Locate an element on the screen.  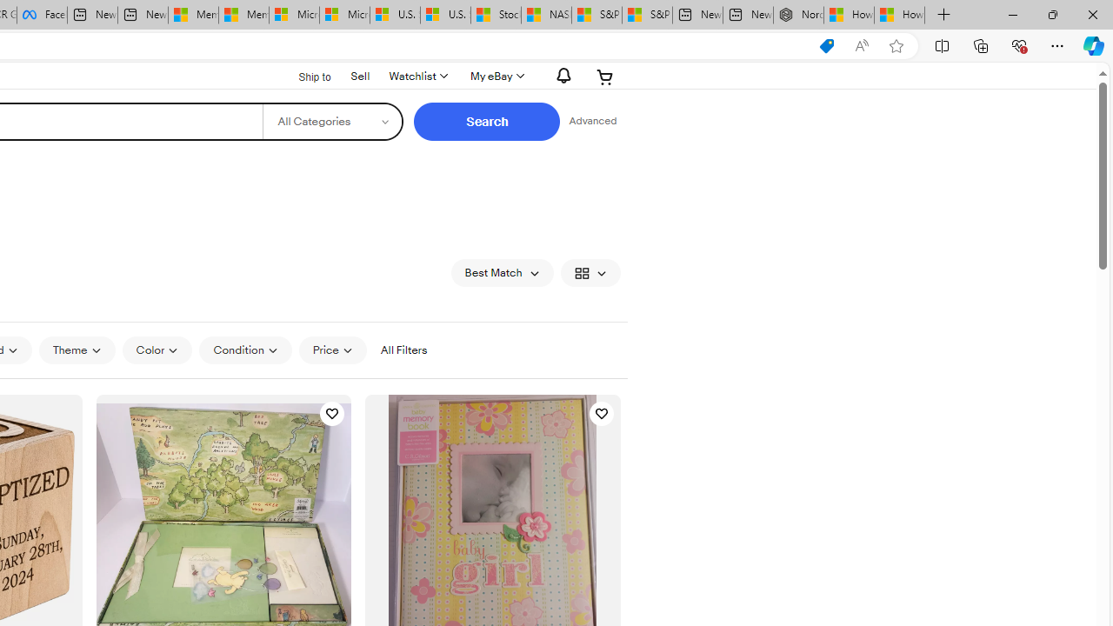
'All Filters' is located at coordinates (403, 350).